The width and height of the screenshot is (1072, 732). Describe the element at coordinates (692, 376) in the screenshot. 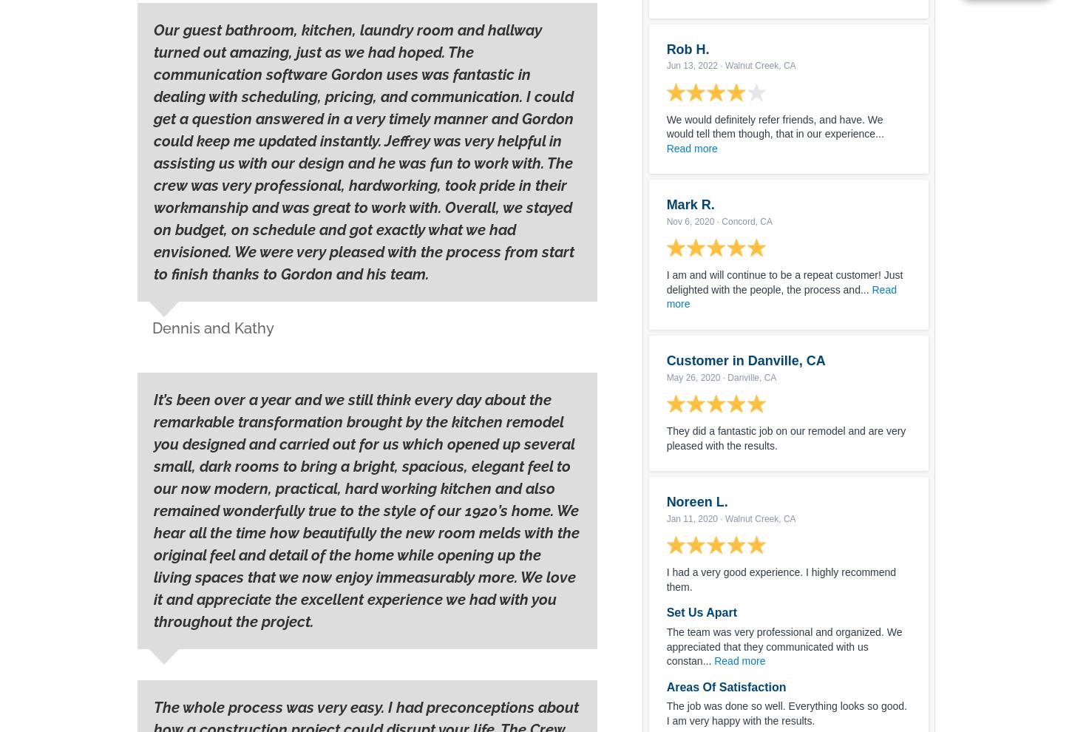

I see `'May 26, 2020'` at that location.